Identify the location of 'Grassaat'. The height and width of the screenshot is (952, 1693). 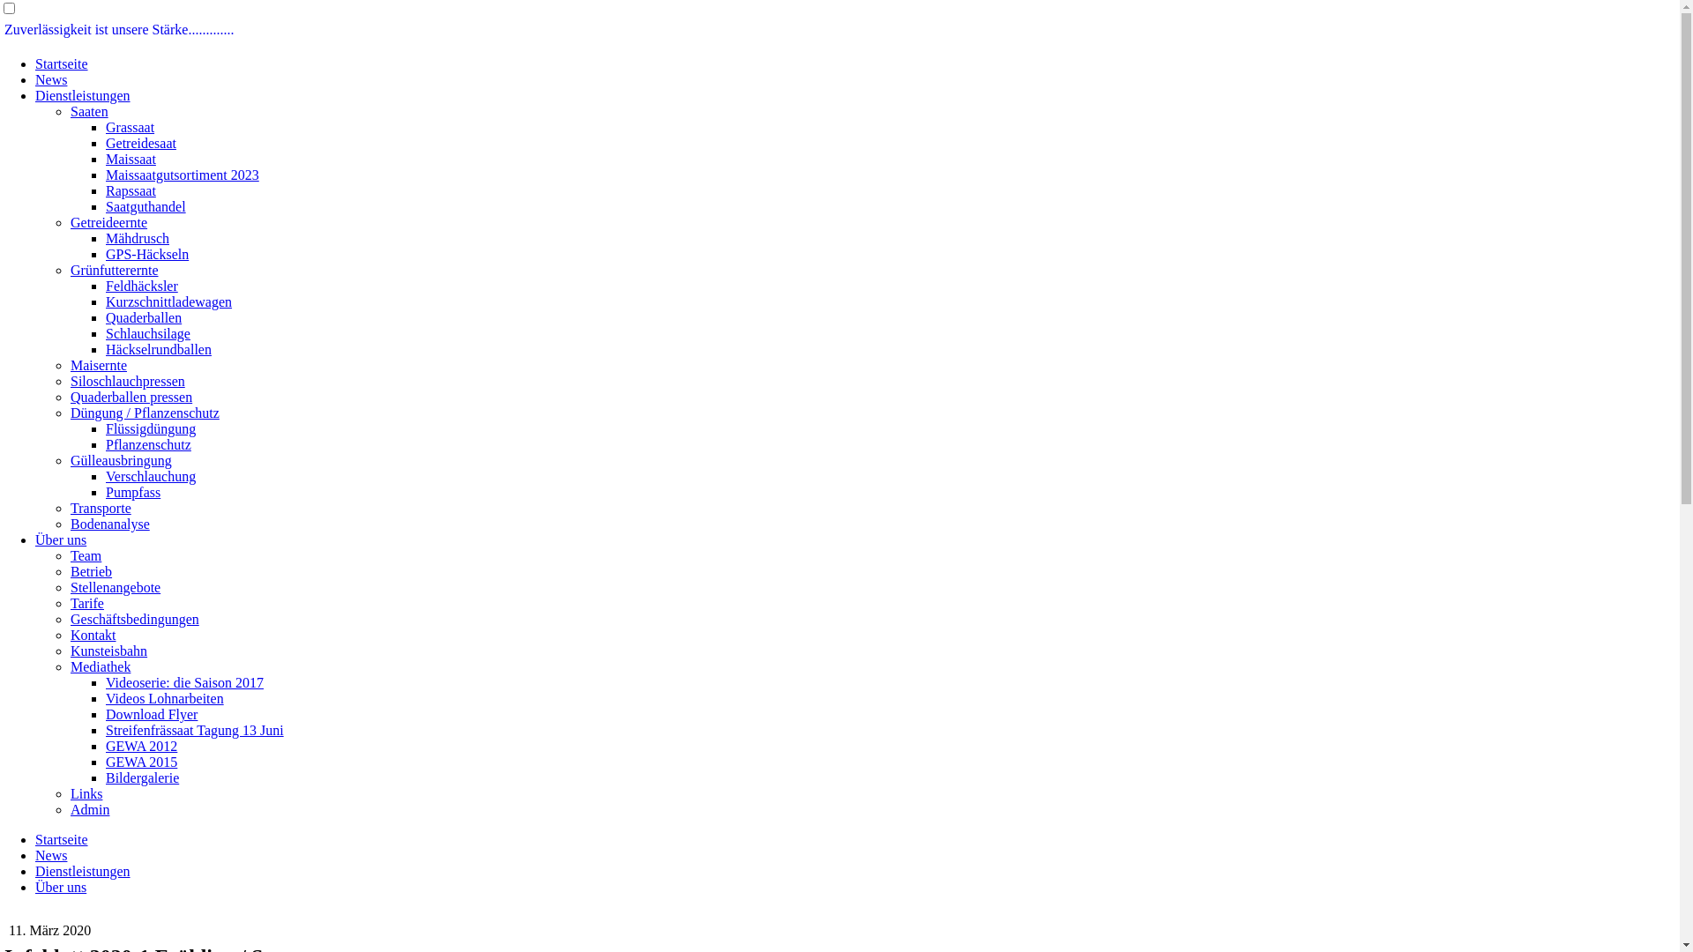
(129, 126).